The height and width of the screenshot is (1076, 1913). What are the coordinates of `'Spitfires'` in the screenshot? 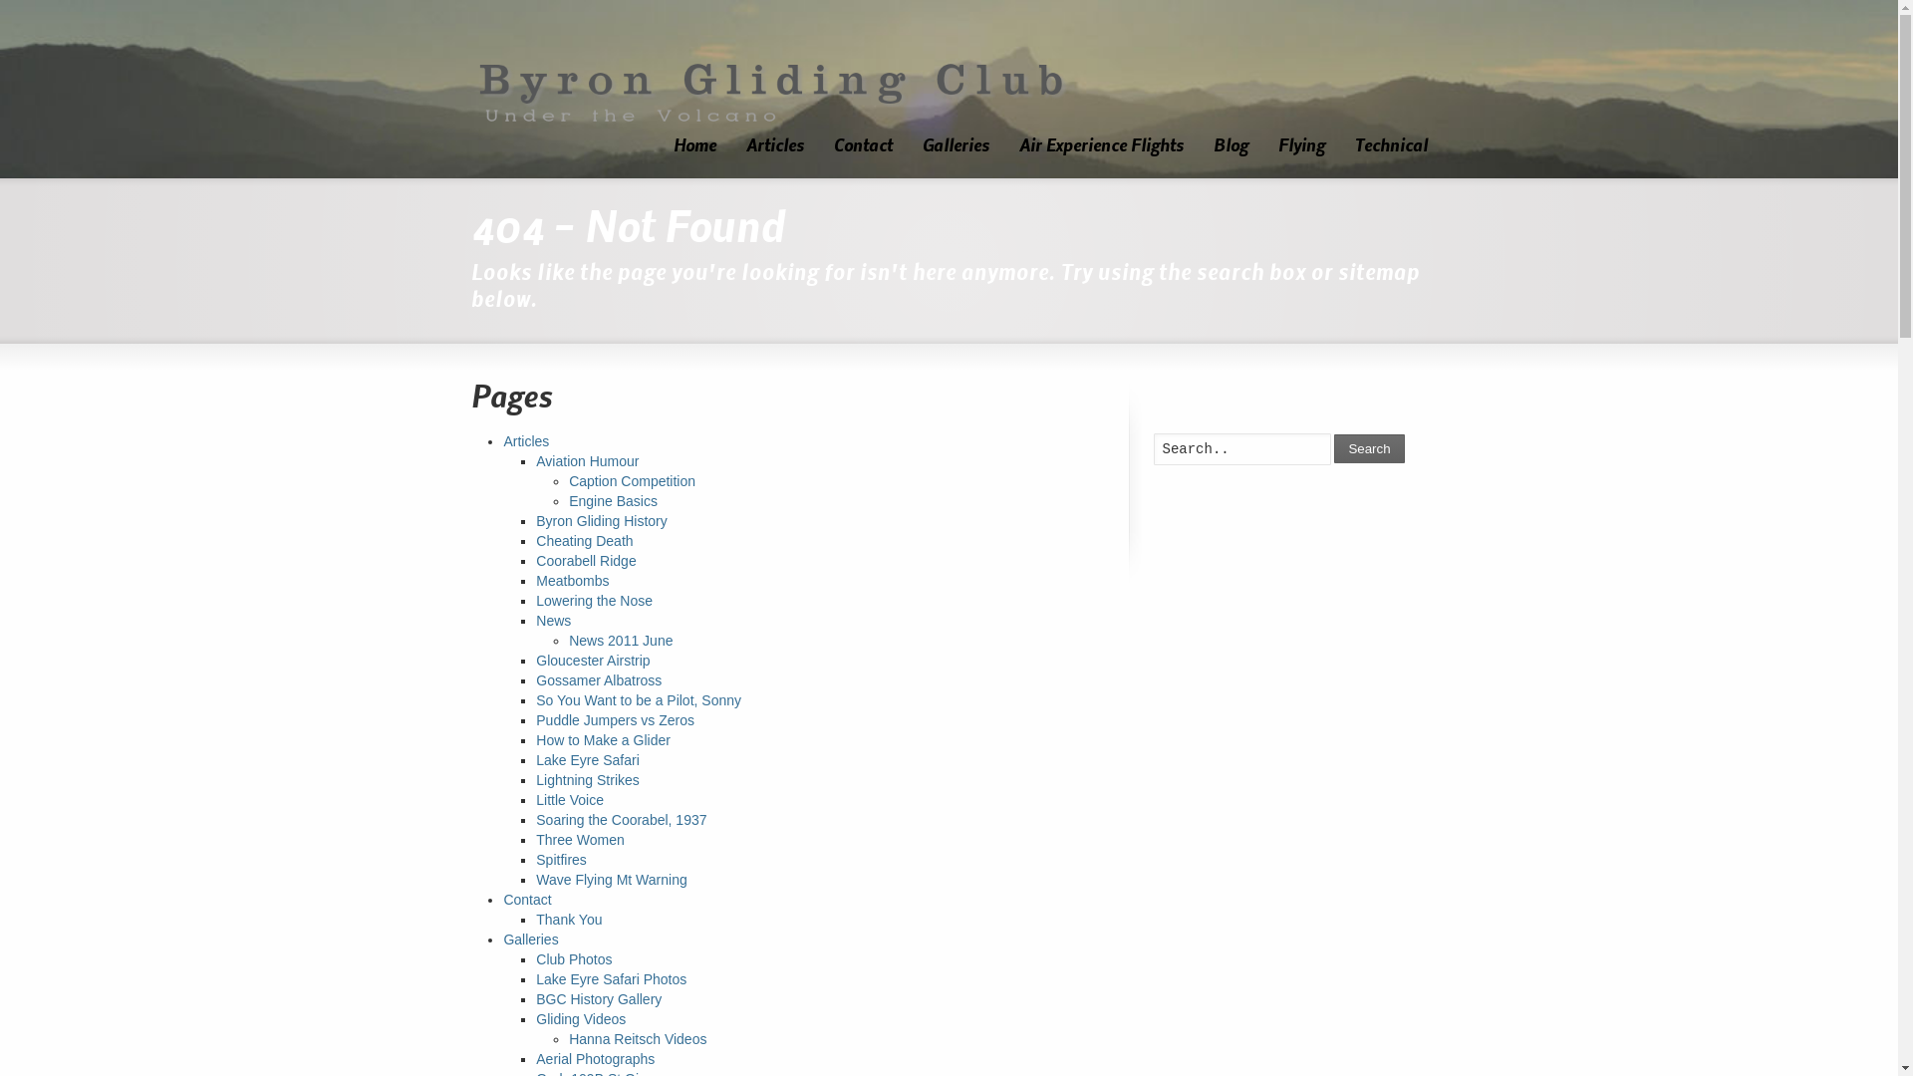 It's located at (560, 859).